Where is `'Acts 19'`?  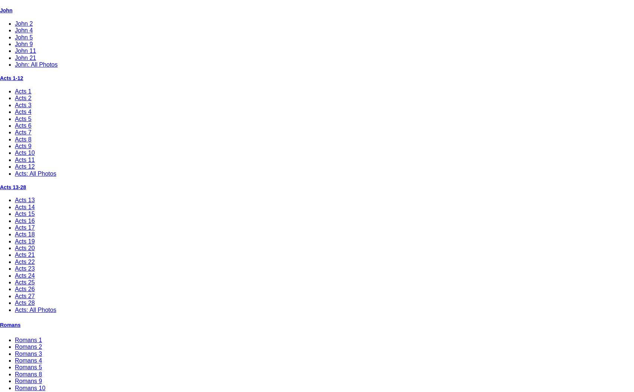
'Acts 19' is located at coordinates (25, 240).